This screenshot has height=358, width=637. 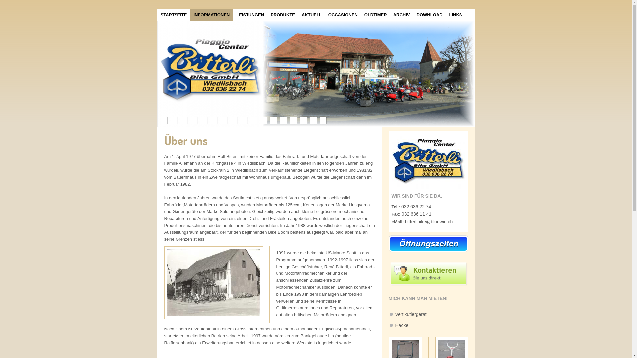 I want to click on 'STARTSEITE', so click(x=157, y=15).